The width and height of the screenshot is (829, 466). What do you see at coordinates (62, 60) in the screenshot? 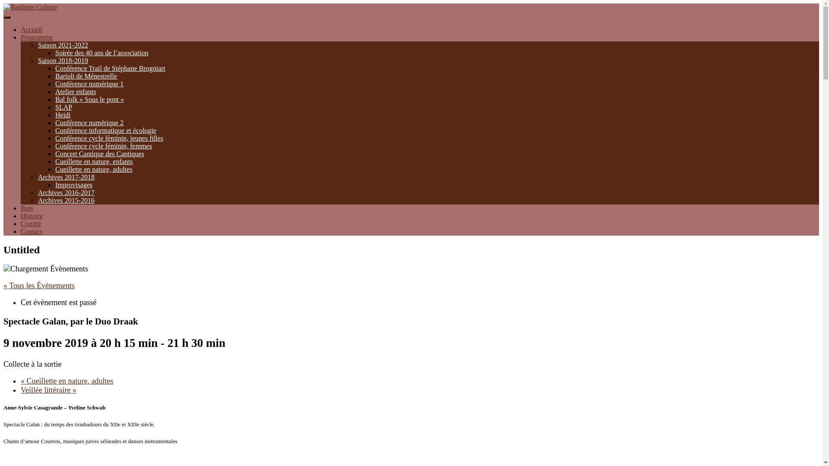
I see `'Saison 2018-2019'` at bounding box center [62, 60].